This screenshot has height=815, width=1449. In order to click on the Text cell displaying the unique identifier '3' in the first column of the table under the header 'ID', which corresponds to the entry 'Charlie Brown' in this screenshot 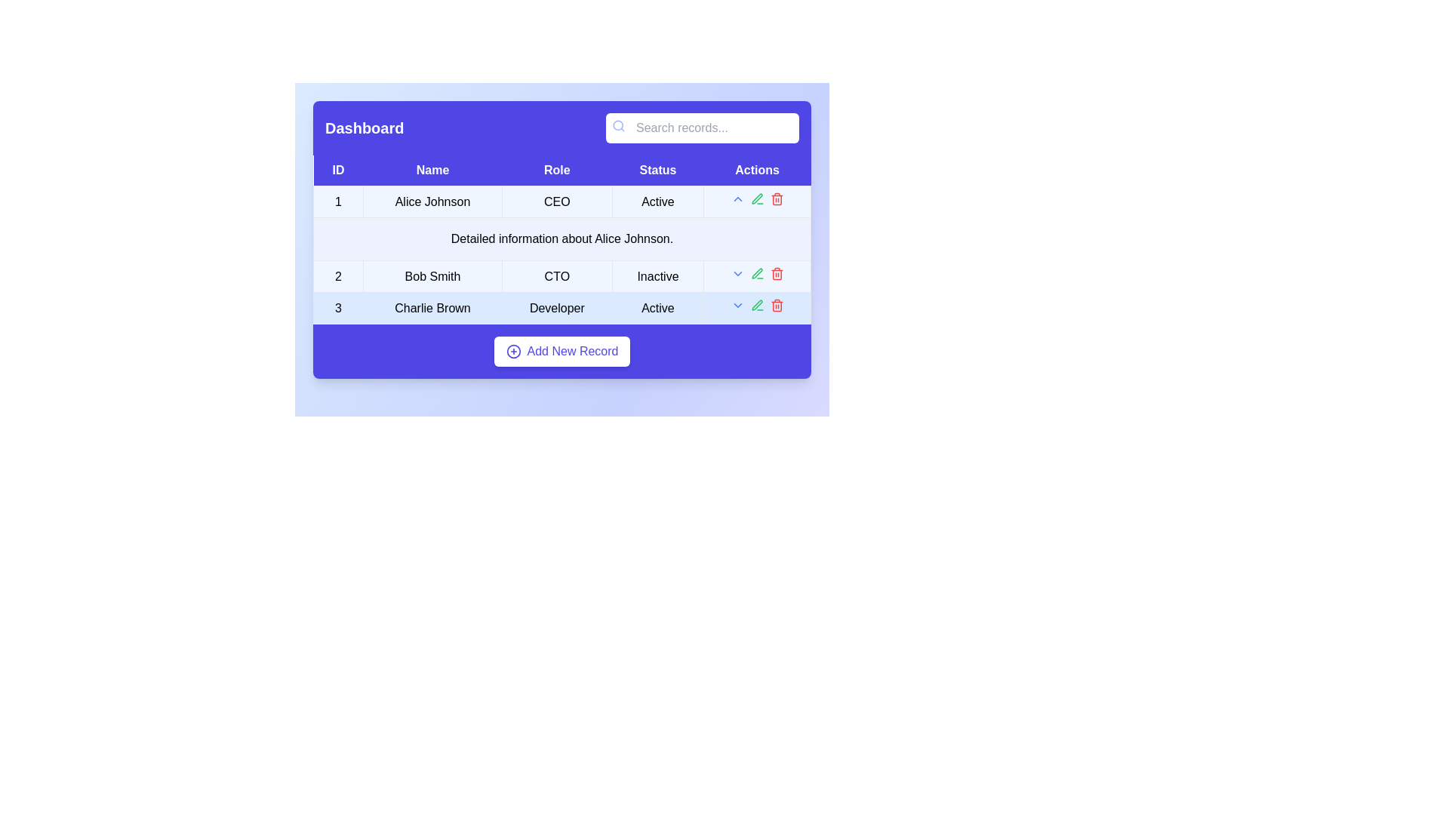, I will do `click(337, 307)`.